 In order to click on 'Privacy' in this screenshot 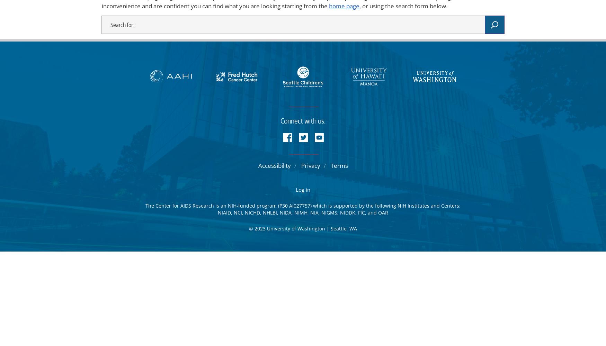, I will do `click(310, 165)`.